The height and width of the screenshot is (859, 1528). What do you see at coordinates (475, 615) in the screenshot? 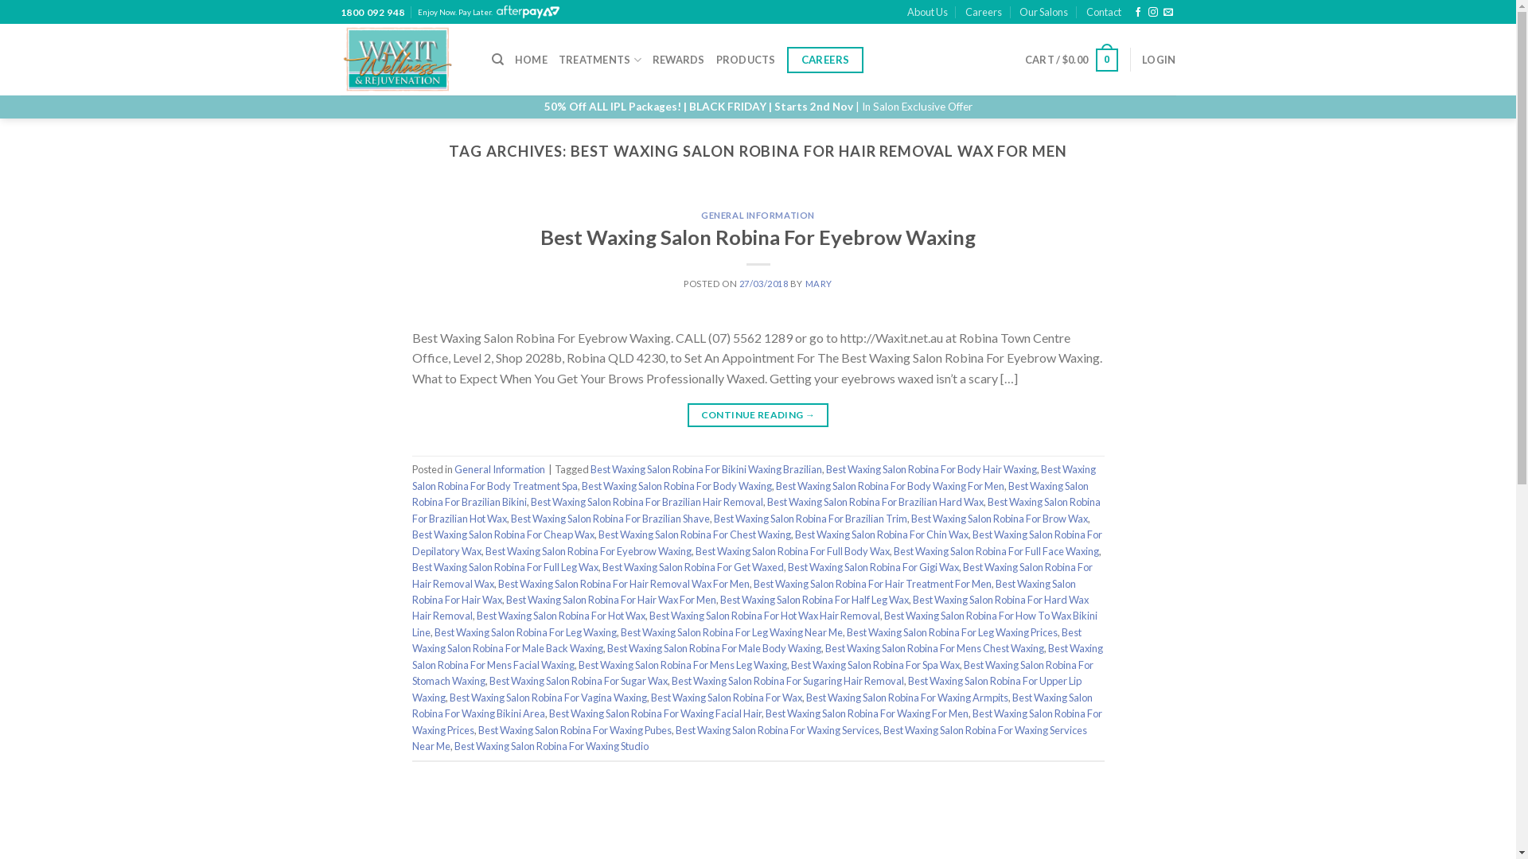
I see `'Best Waxing Salon Robina For Hot Wax'` at bounding box center [475, 615].